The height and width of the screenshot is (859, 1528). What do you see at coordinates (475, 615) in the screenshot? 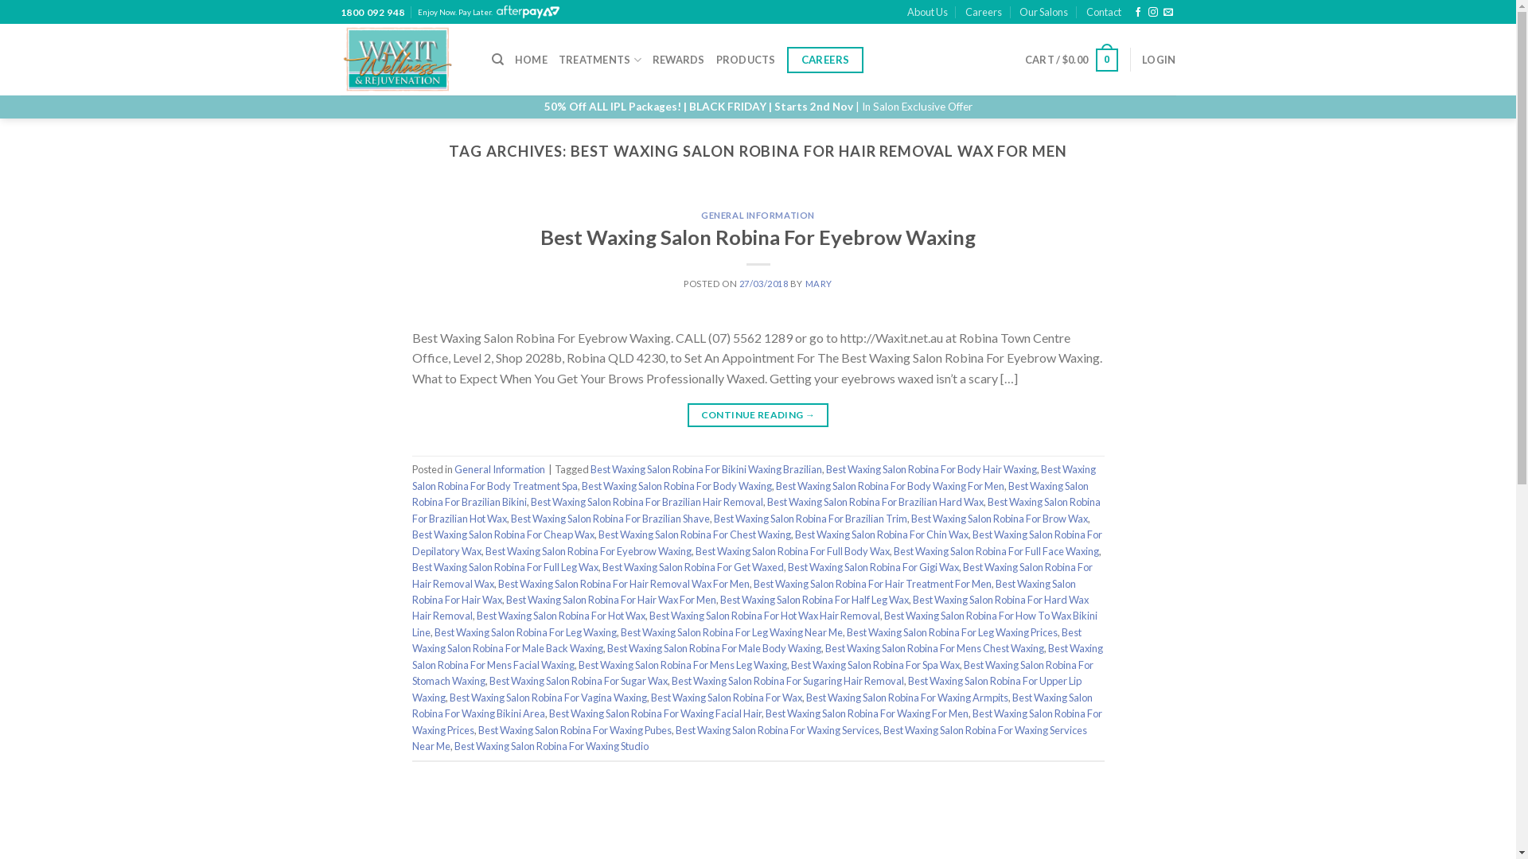
I see `'Best Waxing Salon Robina For Hot Wax'` at bounding box center [475, 615].